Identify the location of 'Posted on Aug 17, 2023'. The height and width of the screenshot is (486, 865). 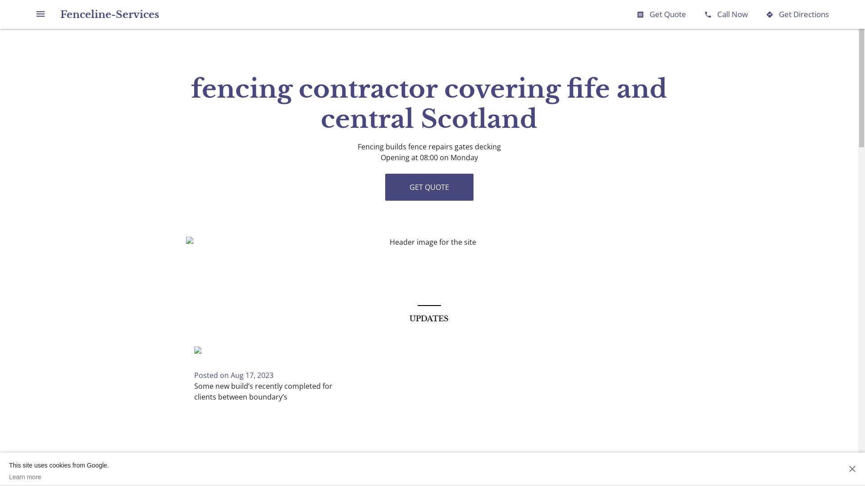
(233, 375).